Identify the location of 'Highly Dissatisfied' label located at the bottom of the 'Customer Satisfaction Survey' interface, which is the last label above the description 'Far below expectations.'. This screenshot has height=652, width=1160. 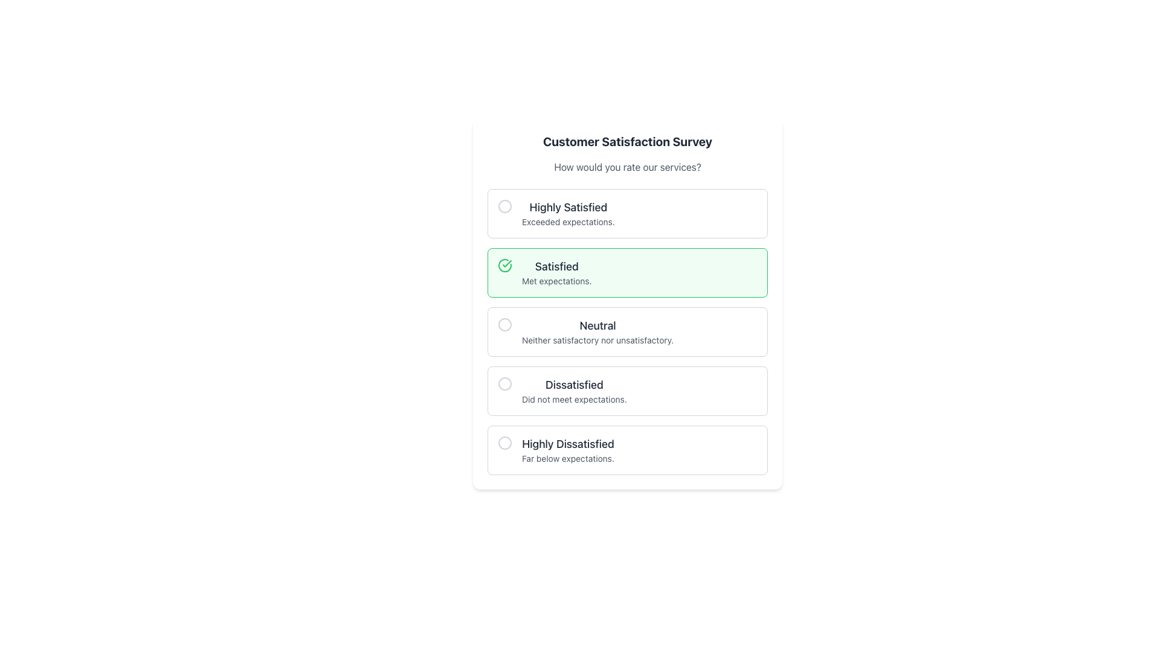
(567, 444).